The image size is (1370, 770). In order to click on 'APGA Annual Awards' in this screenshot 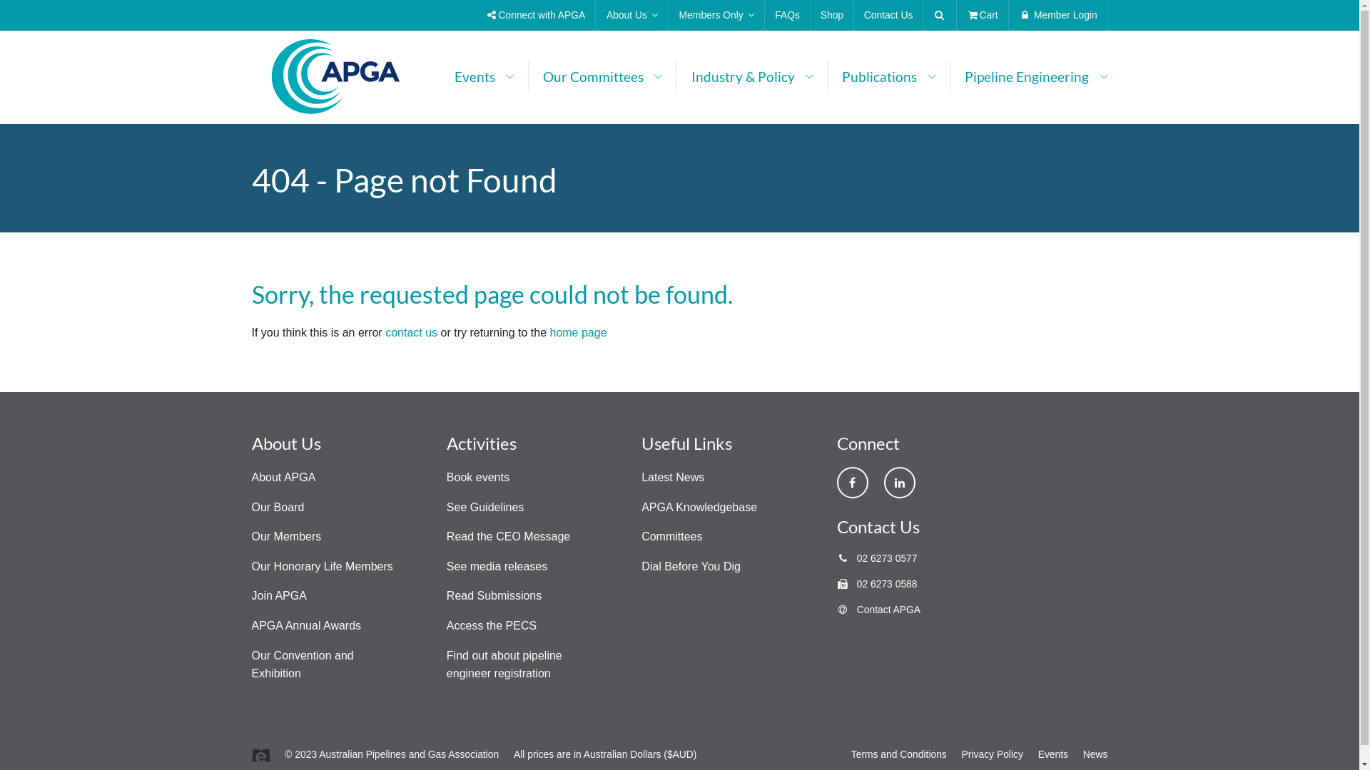, I will do `click(305, 625)`.